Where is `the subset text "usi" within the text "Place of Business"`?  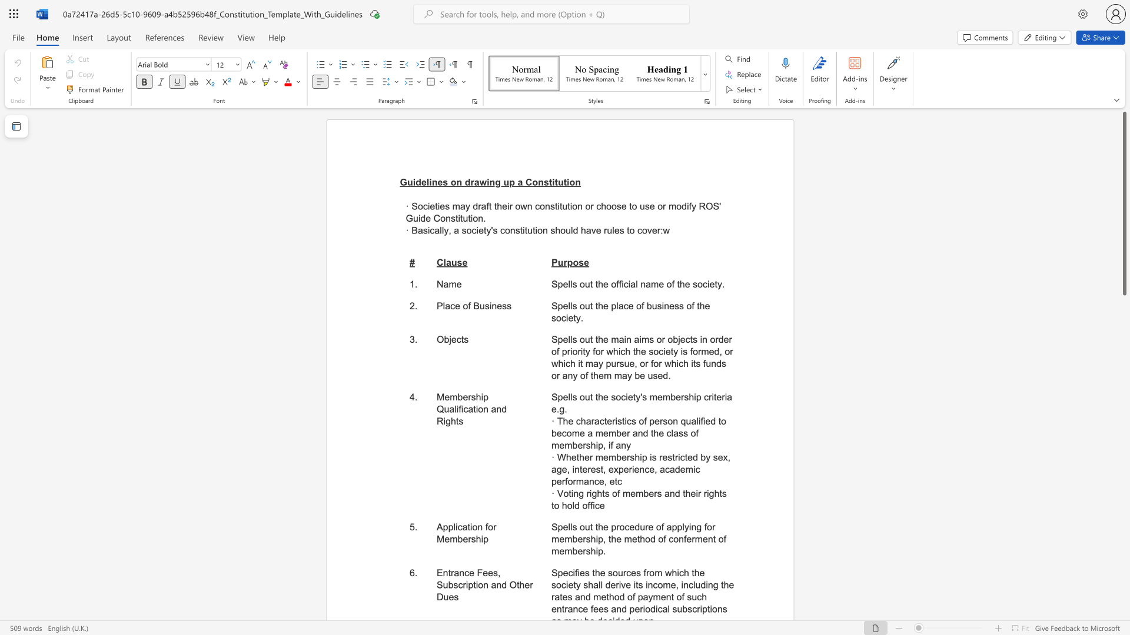 the subset text "usi" within the text "Place of Business" is located at coordinates (479, 305).